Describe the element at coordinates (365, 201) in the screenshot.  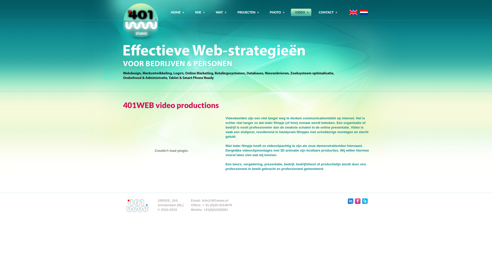
I see `'twitter'` at that location.